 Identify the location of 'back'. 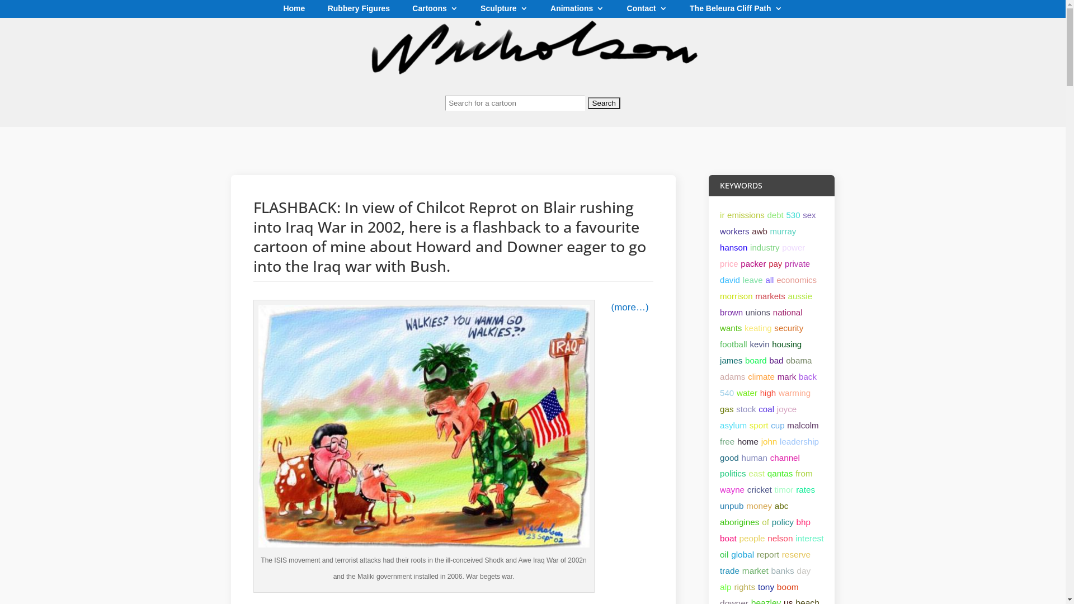
(808, 376).